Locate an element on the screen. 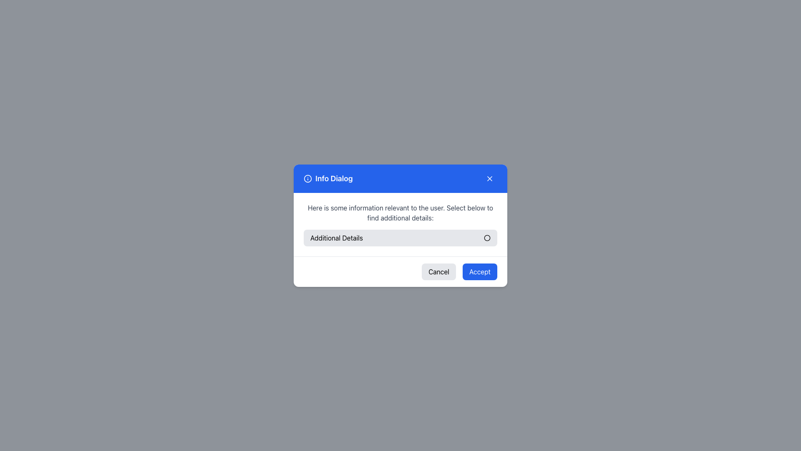  text label with an icon located in the blue header of the modal dialog, which provides contextual information about the dialog's content is located at coordinates (327, 178).